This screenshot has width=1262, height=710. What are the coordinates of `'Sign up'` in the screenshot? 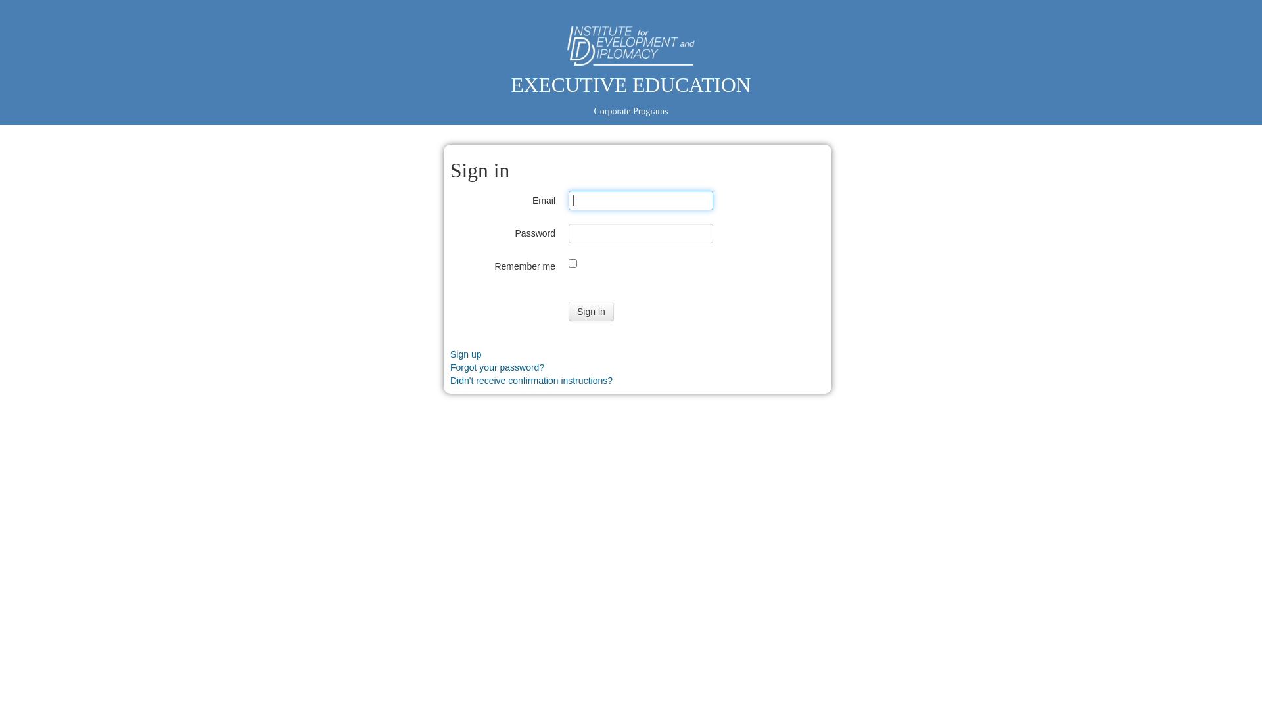 It's located at (465, 354).